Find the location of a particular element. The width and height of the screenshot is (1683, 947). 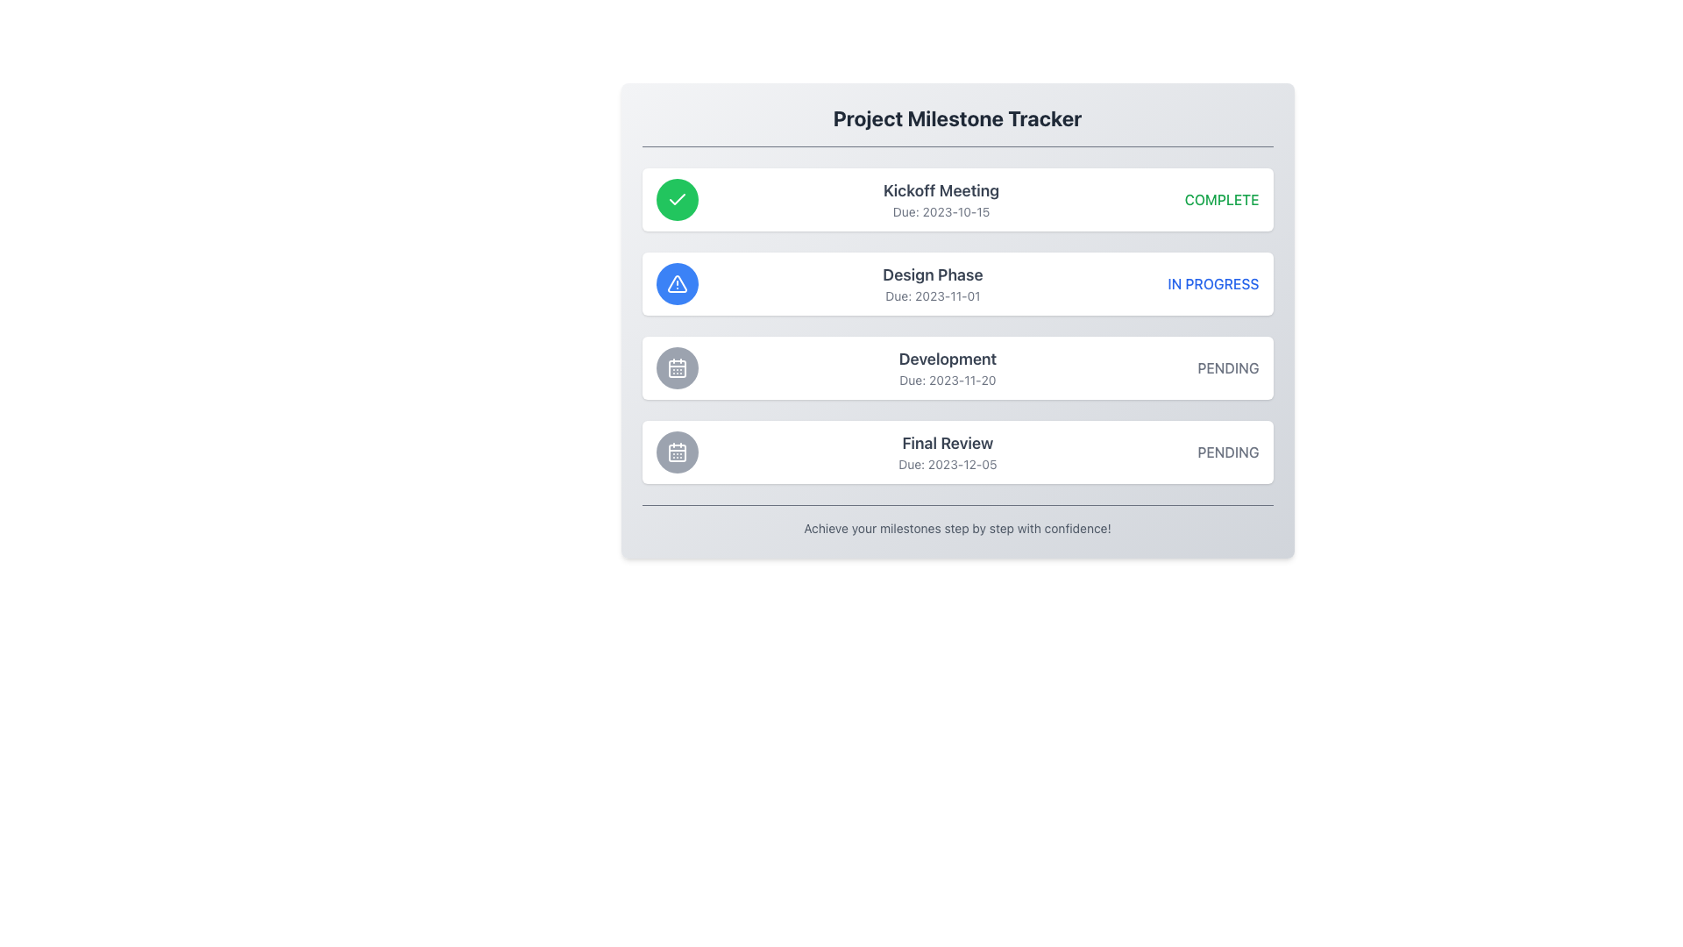

the Development milestone icon in the Project Milestone Tracker located on the left side of the third row is located at coordinates (676, 367).